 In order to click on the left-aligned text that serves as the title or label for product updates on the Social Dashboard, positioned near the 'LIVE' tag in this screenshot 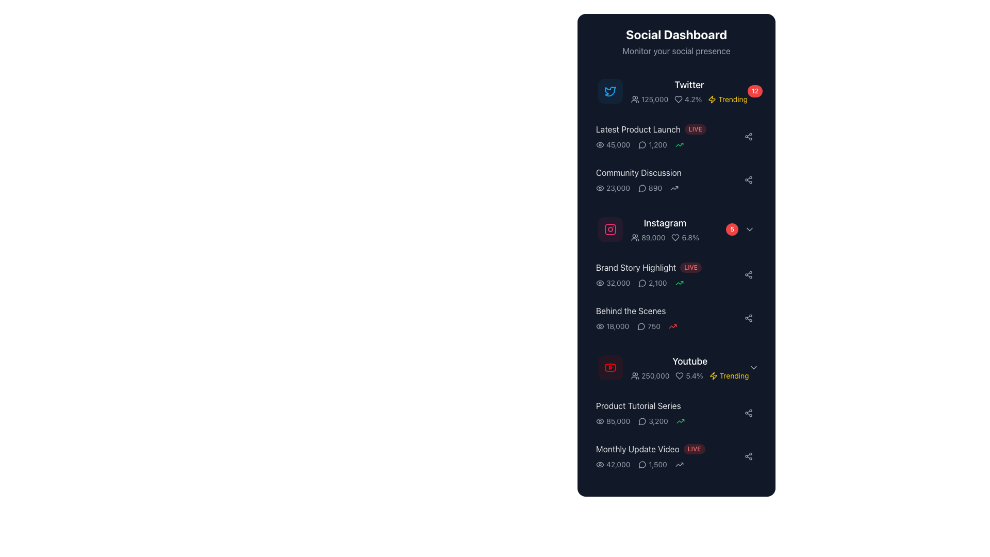, I will do `click(637, 128)`.